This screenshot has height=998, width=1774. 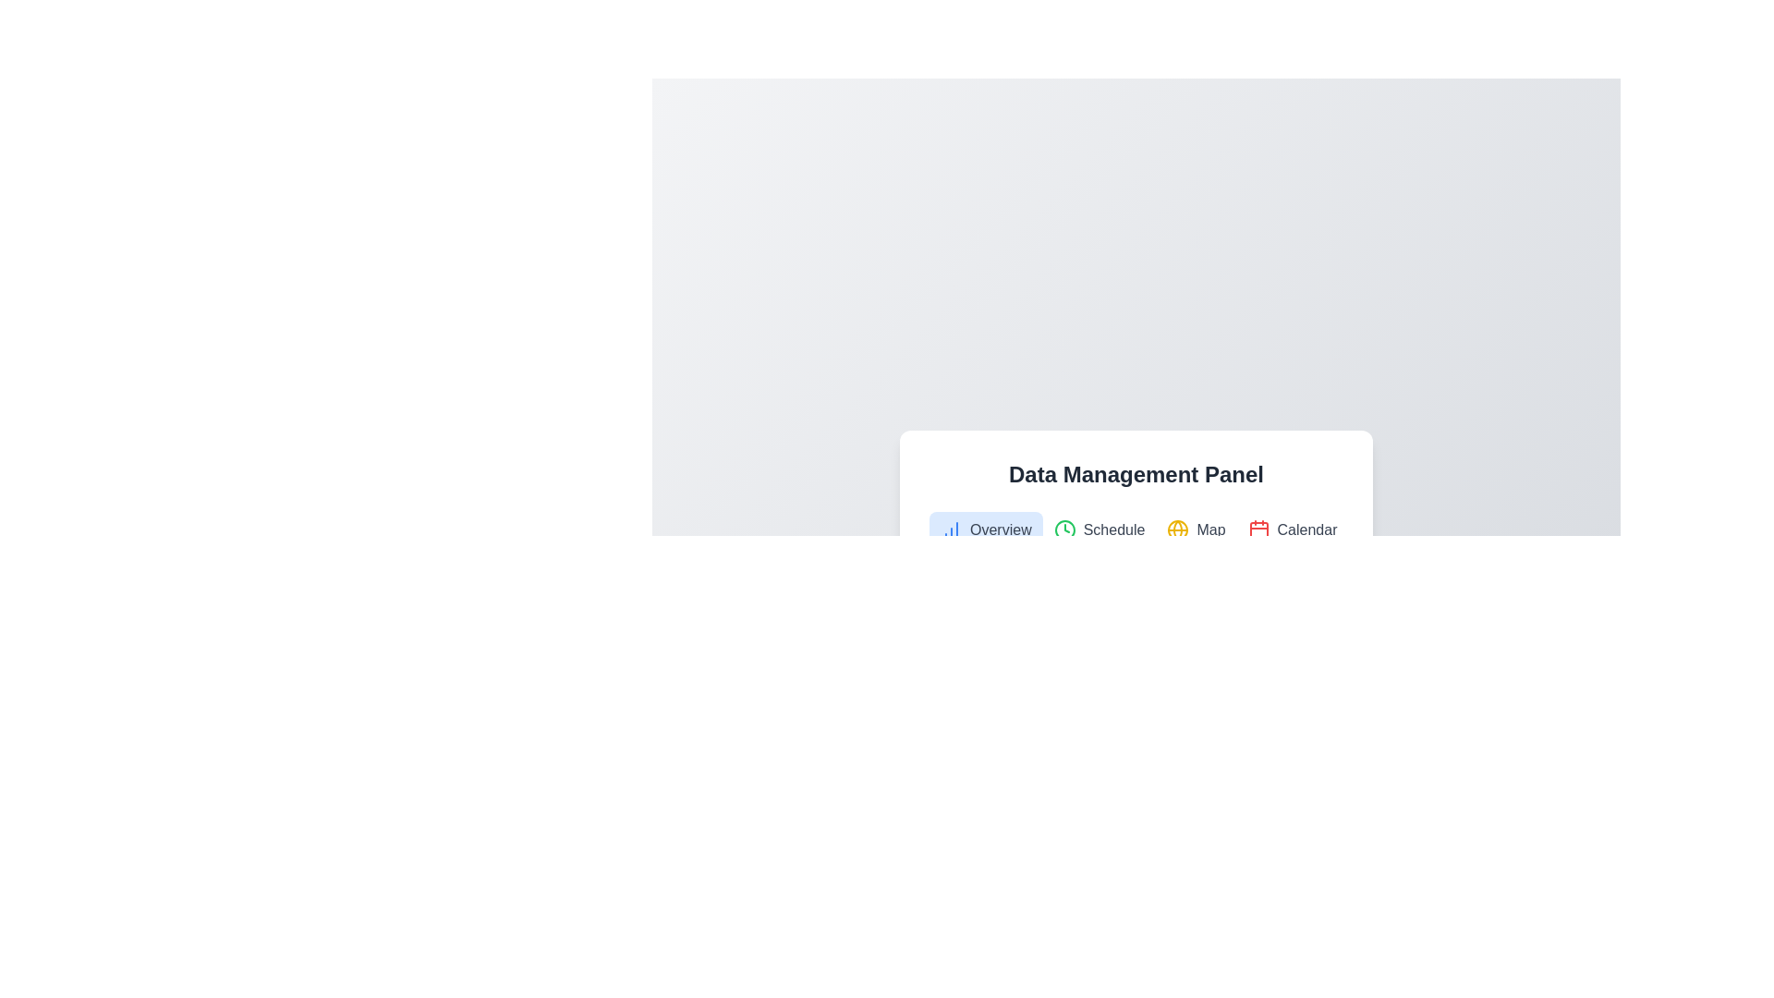 What do you see at coordinates (1135, 530) in the screenshot?
I see `the navigation bar located below the 'Data Management Panel' title` at bounding box center [1135, 530].